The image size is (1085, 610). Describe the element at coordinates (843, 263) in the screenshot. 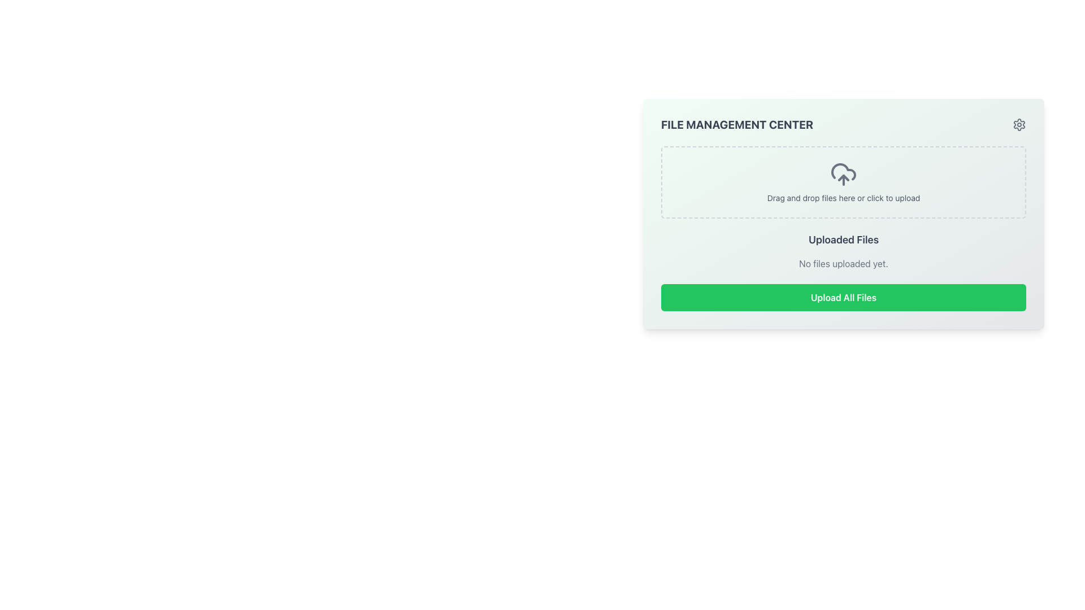

I see `the static text element indicating 'No files uploaded yet.' located in the 'Uploaded Files' section of the file management interface` at that location.